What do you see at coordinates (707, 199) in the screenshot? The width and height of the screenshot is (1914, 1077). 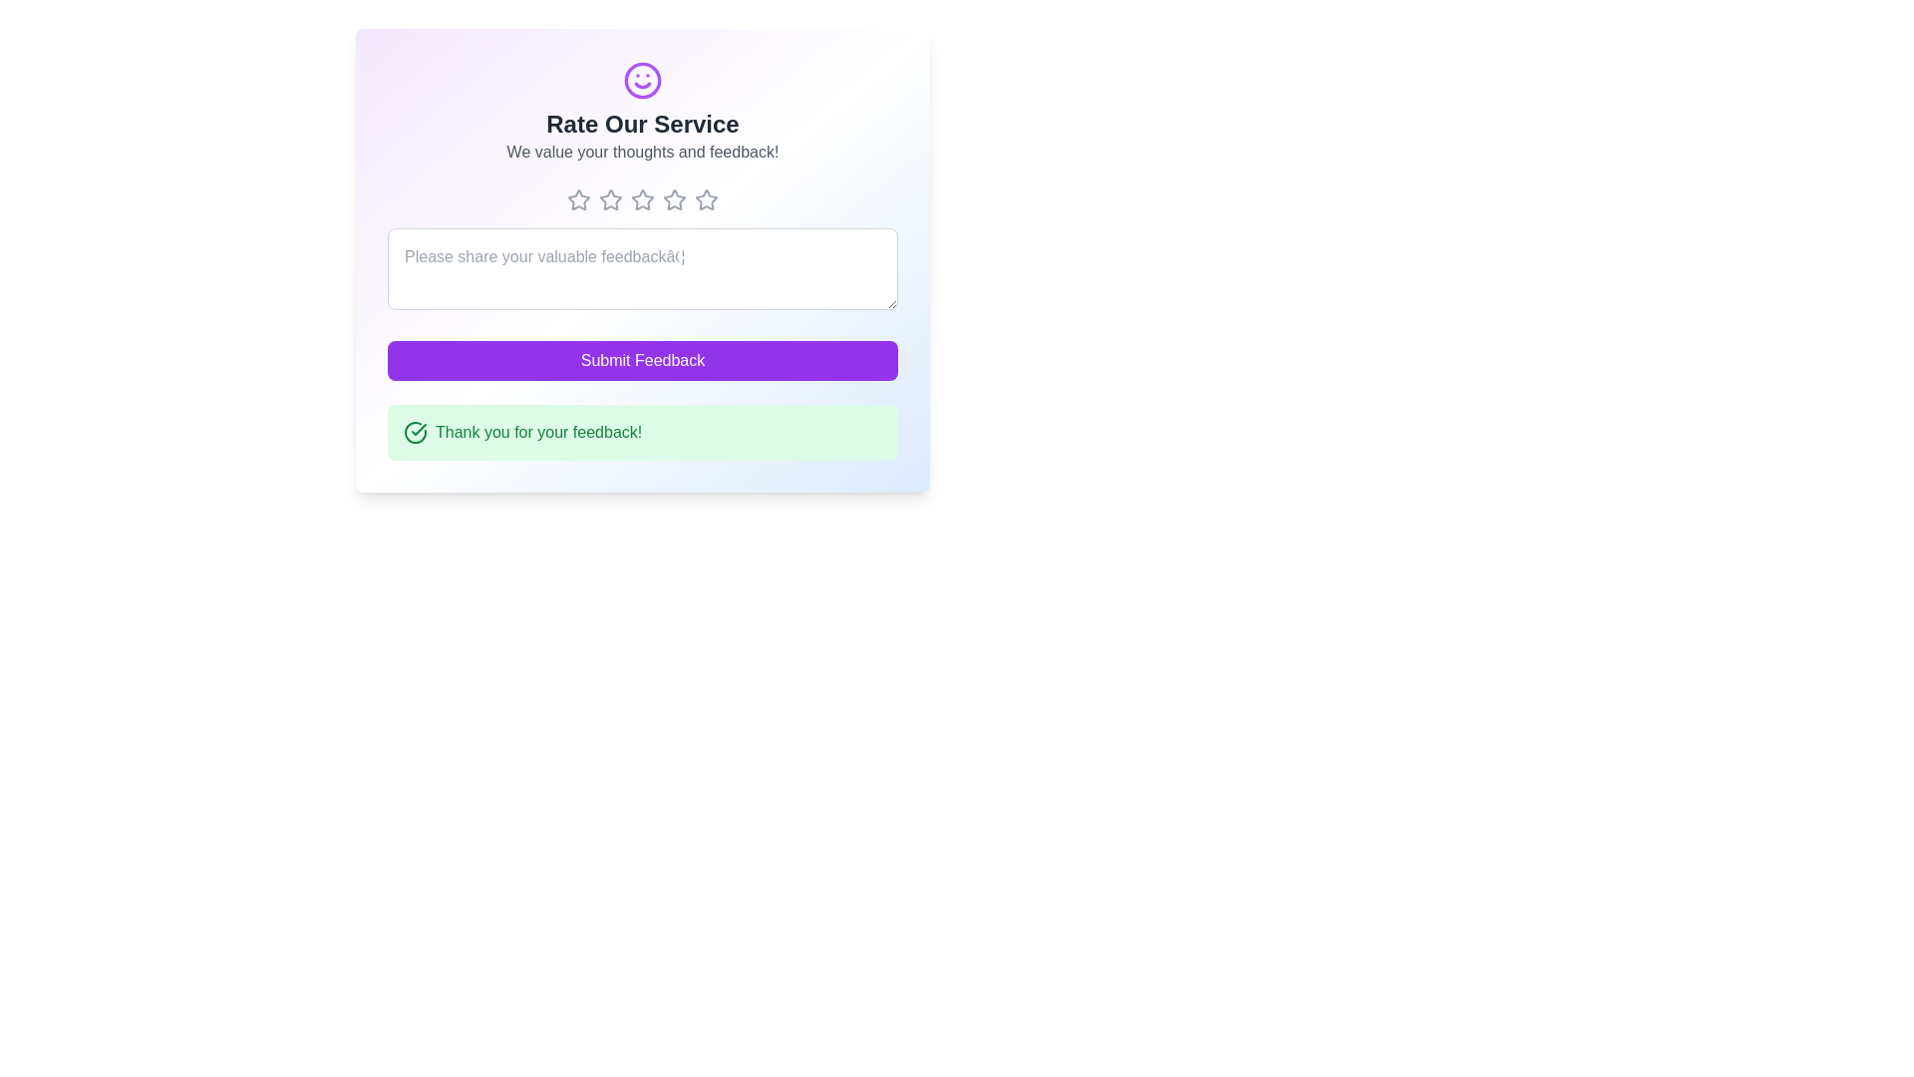 I see `the fourth star icon in the five-star rating system` at bounding box center [707, 199].